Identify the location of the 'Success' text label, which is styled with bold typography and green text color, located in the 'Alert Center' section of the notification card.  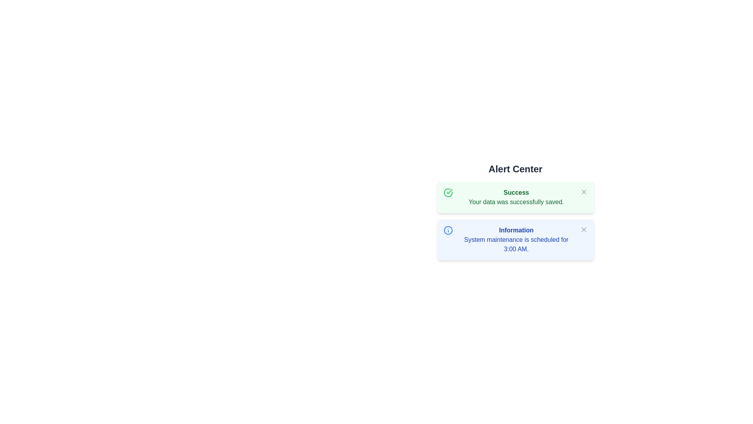
(516, 192).